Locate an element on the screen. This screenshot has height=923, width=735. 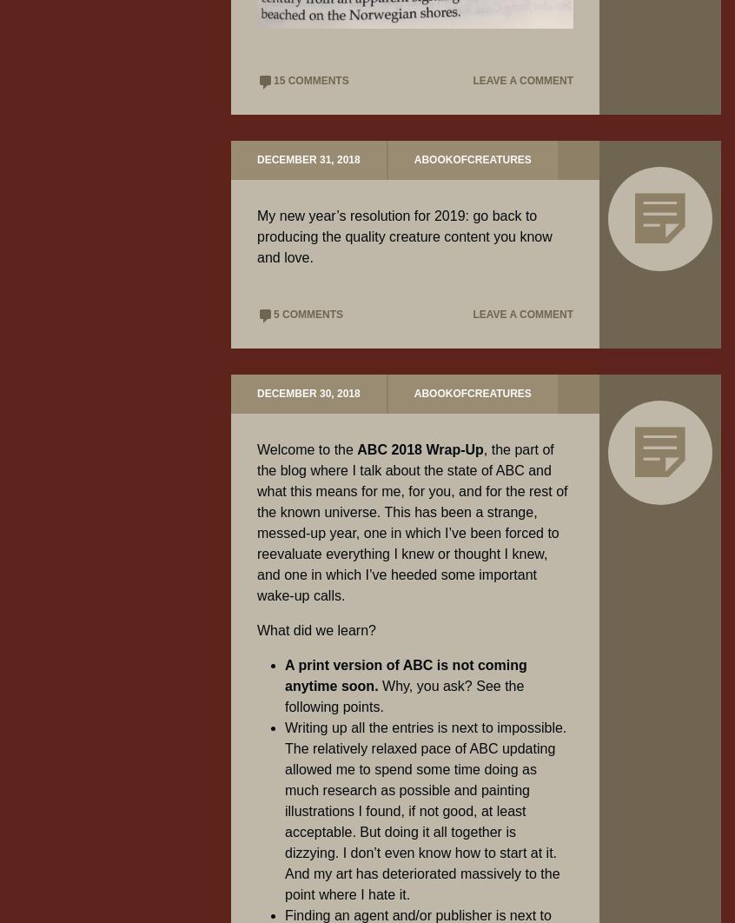
'5 Comments' is located at coordinates (308, 314).